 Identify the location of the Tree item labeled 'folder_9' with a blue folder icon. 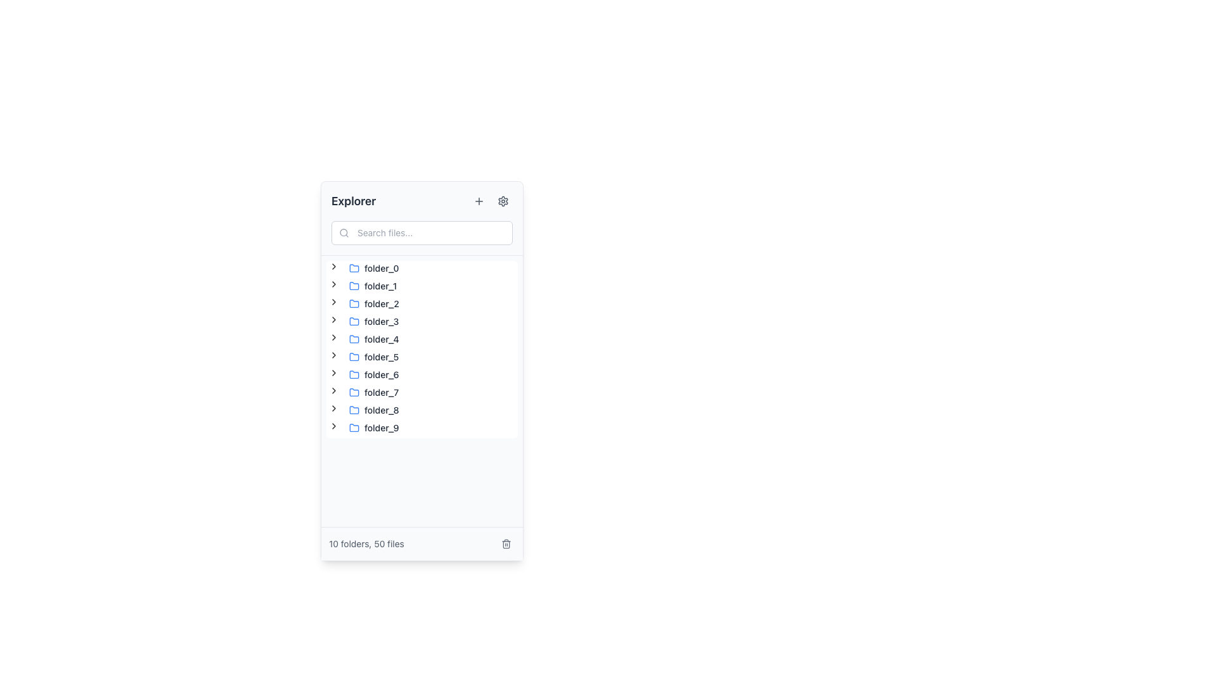
(373, 427).